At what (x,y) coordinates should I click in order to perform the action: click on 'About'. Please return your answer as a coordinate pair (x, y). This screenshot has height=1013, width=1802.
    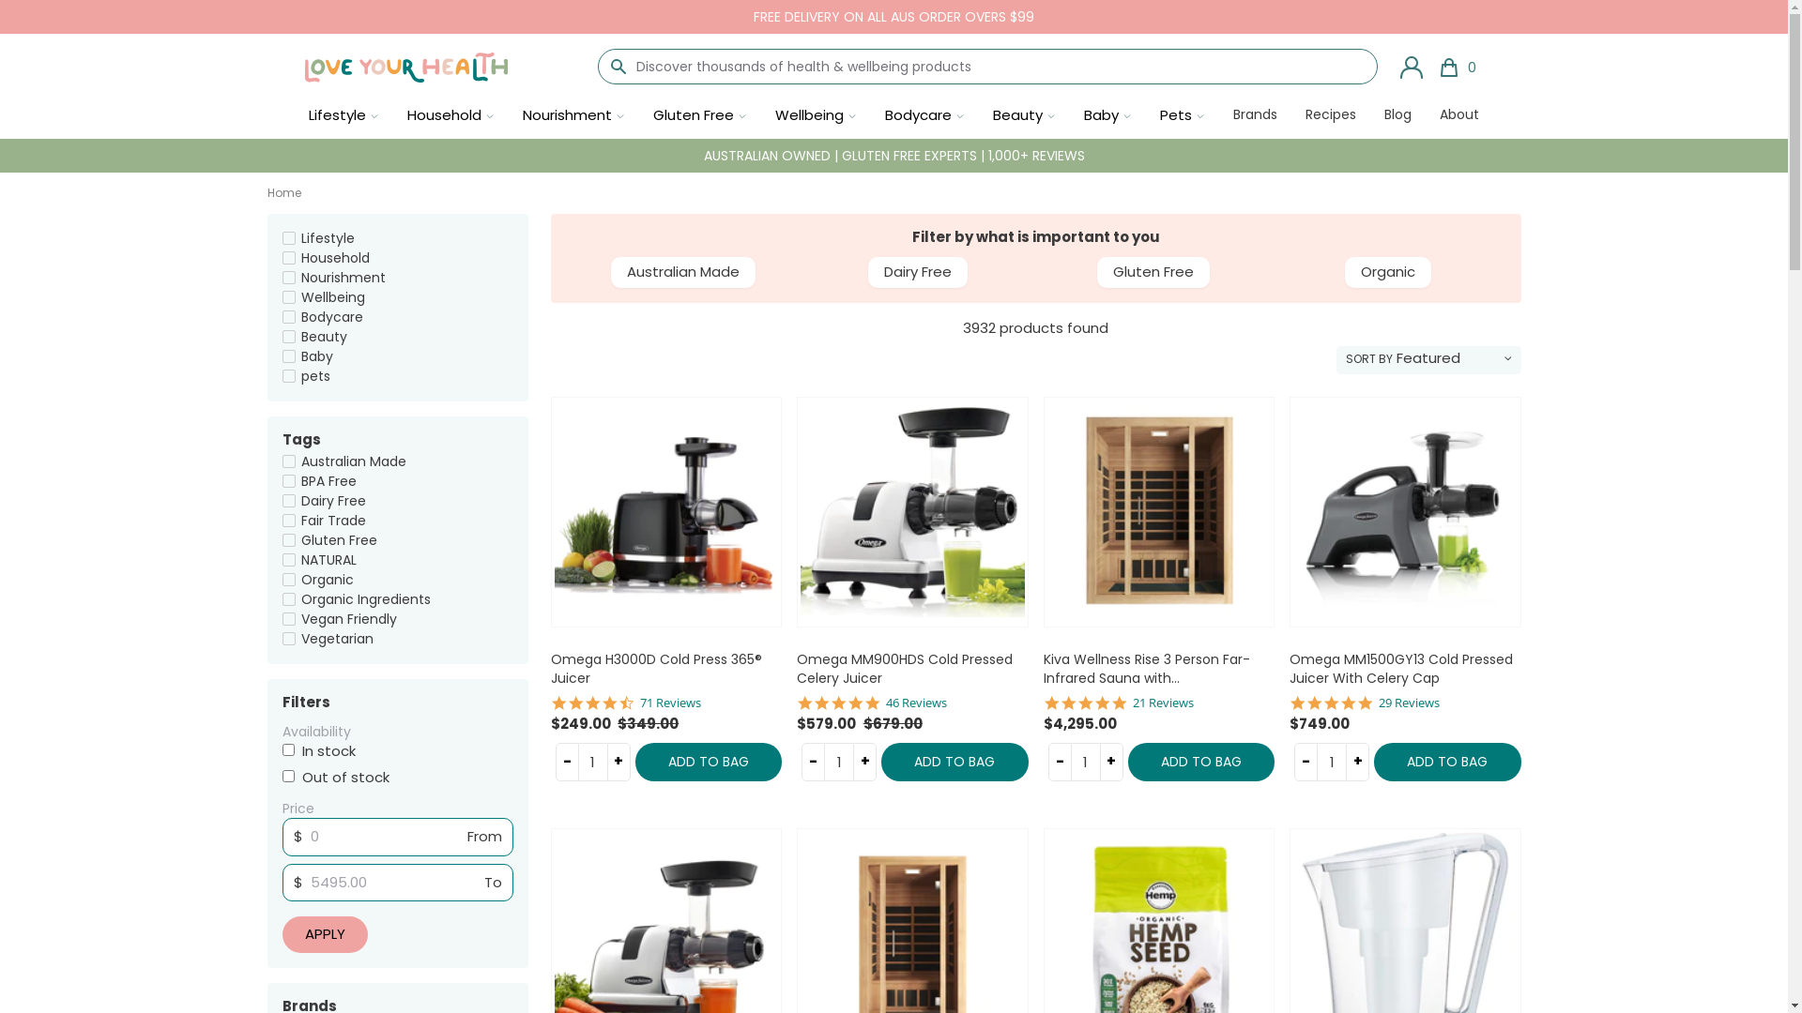
    Looking at the image, I should click on (1458, 115).